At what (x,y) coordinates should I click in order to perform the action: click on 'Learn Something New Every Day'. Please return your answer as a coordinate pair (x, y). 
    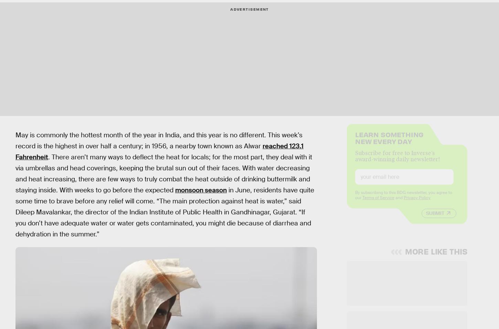
    Looking at the image, I should click on (389, 143).